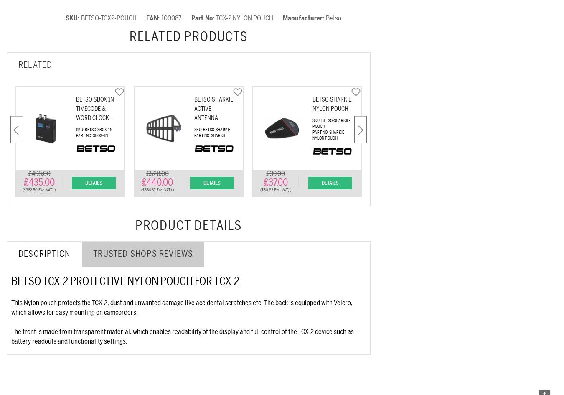  I want to click on '£39.00', so click(275, 173).